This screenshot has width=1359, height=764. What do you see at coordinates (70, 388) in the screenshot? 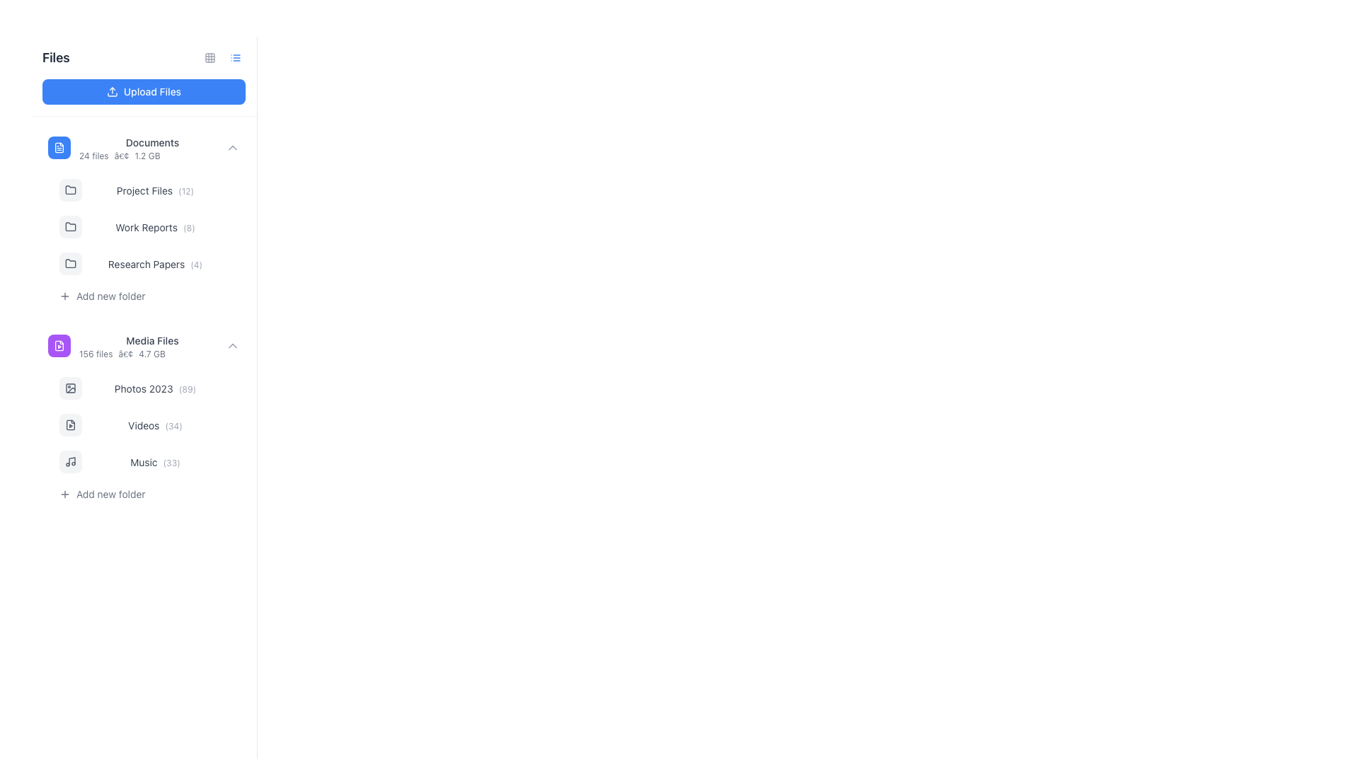
I see `the square icon with a gray background and rounded corners, which features a photo-like graphic, located to the left of the text 'Photos 2023(89)' in the sidebar under 'Media Files'` at bounding box center [70, 388].